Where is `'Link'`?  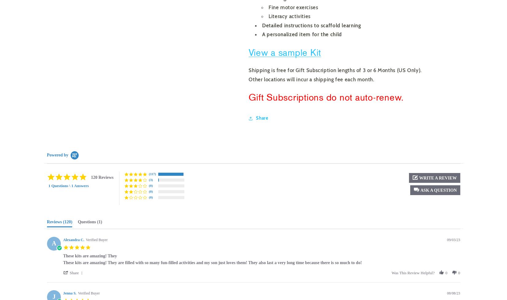 'Link' is located at coordinates (255, 139).